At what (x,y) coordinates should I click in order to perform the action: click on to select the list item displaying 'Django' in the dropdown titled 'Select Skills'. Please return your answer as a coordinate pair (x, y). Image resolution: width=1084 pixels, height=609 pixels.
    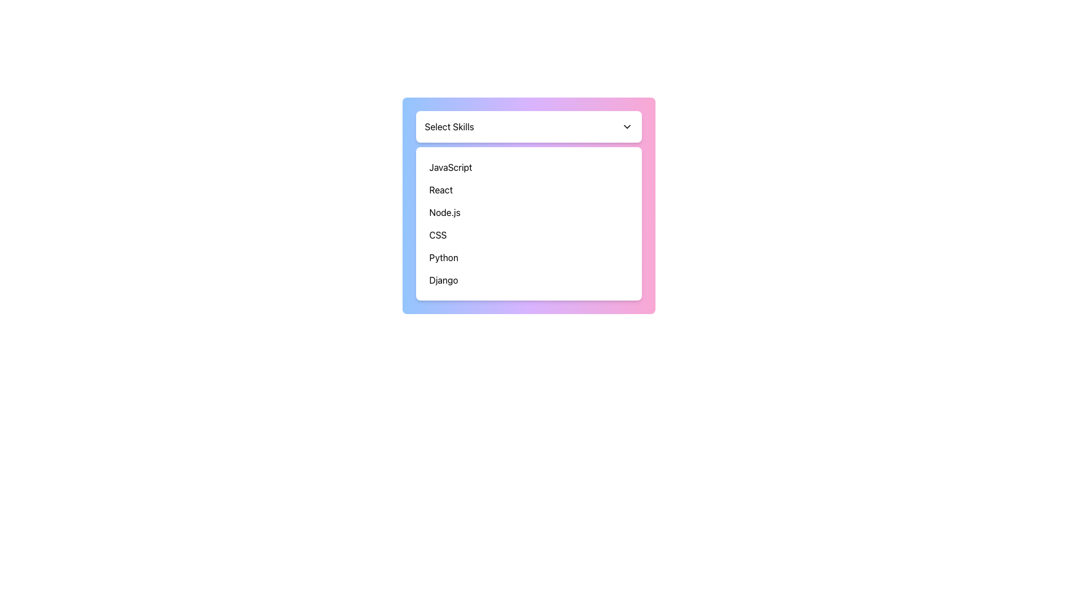
    Looking at the image, I should click on (528, 280).